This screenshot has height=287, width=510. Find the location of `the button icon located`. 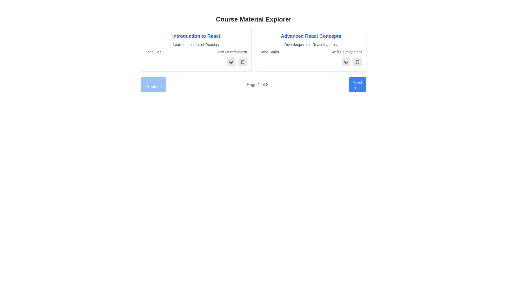

the button icon located is located at coordinates (346, 62).